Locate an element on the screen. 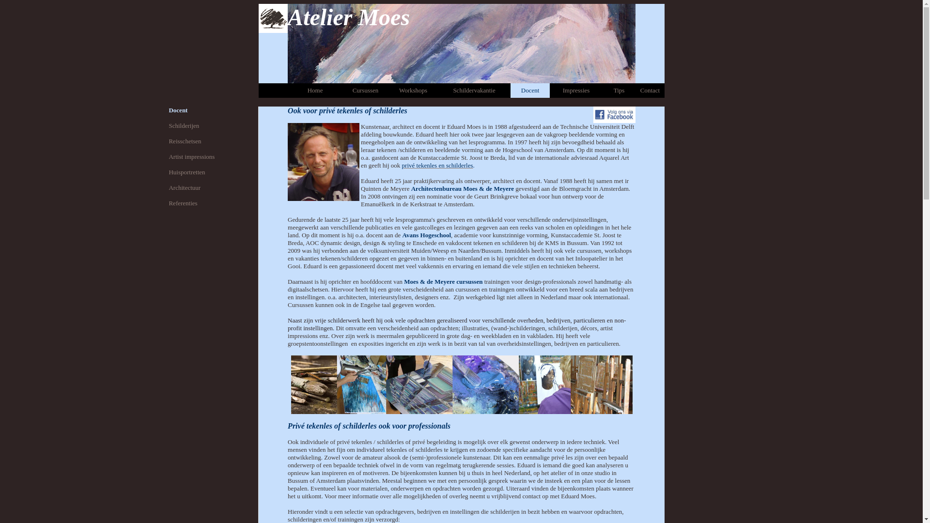 This screenshot has height=523, width=930. 'Schildervakantie' is located at coordinates (474, 90).